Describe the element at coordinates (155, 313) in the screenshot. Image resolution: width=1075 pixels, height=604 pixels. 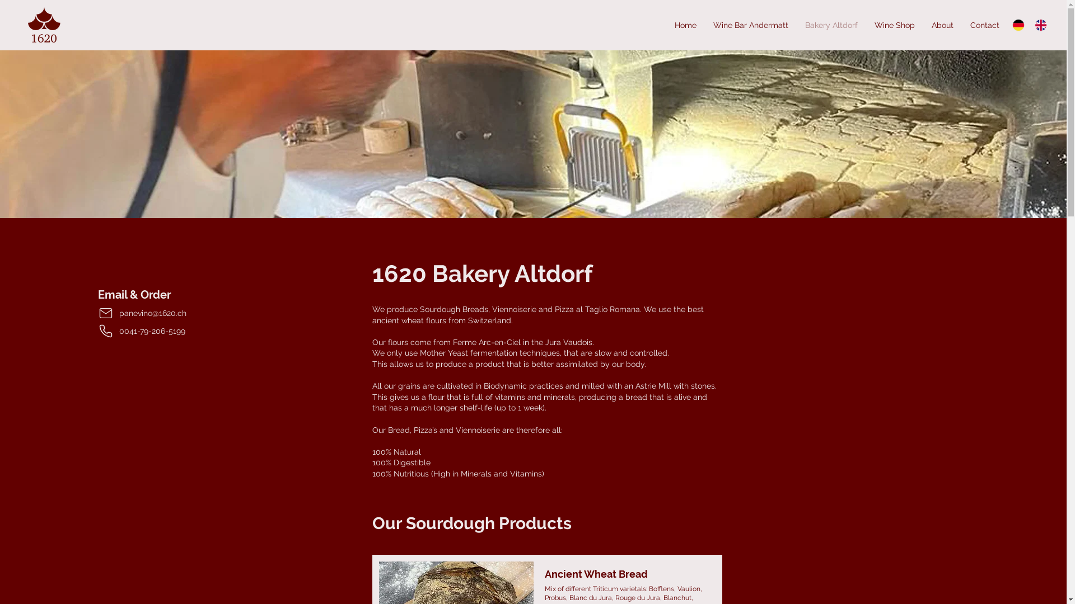
I see `'panevino@1620.ch'` at that location.